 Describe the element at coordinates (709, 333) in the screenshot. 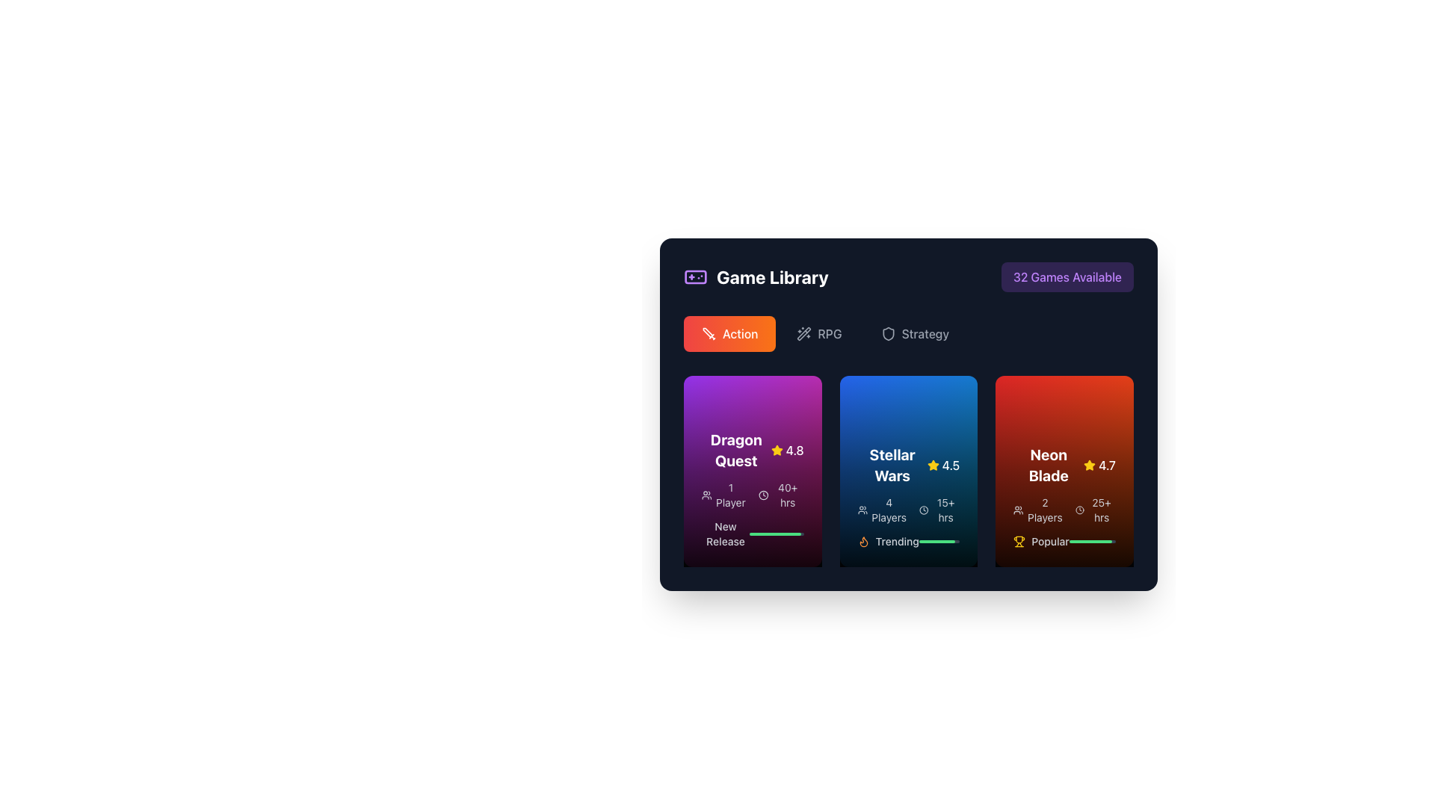

I see `the small sword icon with a light stroke inside the red-orange background, located to the left of the 'Action' label text, to filter games` at that location.